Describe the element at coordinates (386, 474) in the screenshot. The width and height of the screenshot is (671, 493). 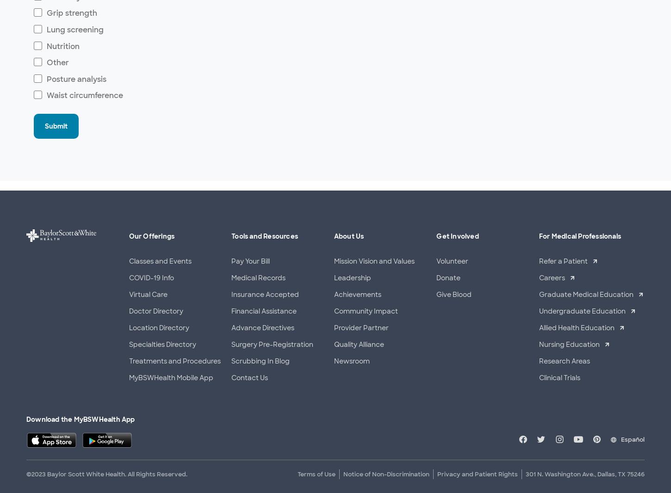
I see `'Notice of Non-Discrimination'` at that location.